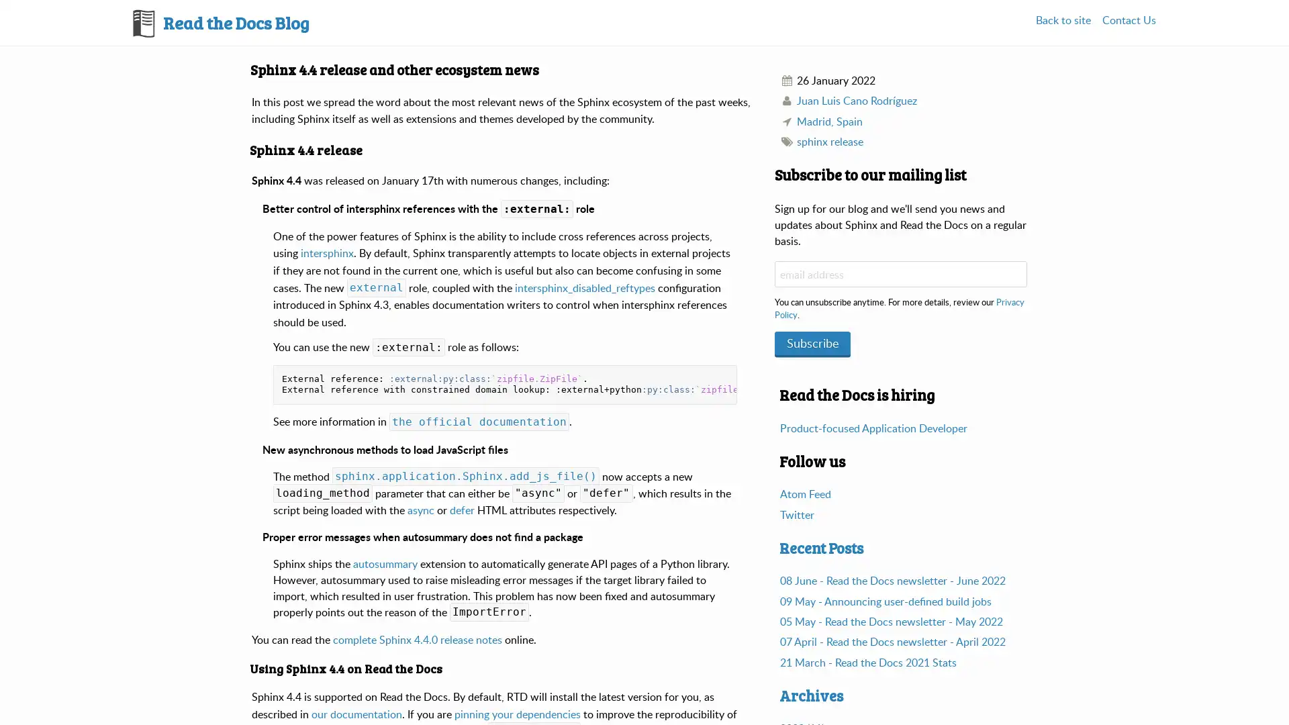 This screenshot has width=1289, height=725. What do you see at coordinates (812, 342) in the screenshot?
I see `Subscribe` at bounding box center [812, 342].